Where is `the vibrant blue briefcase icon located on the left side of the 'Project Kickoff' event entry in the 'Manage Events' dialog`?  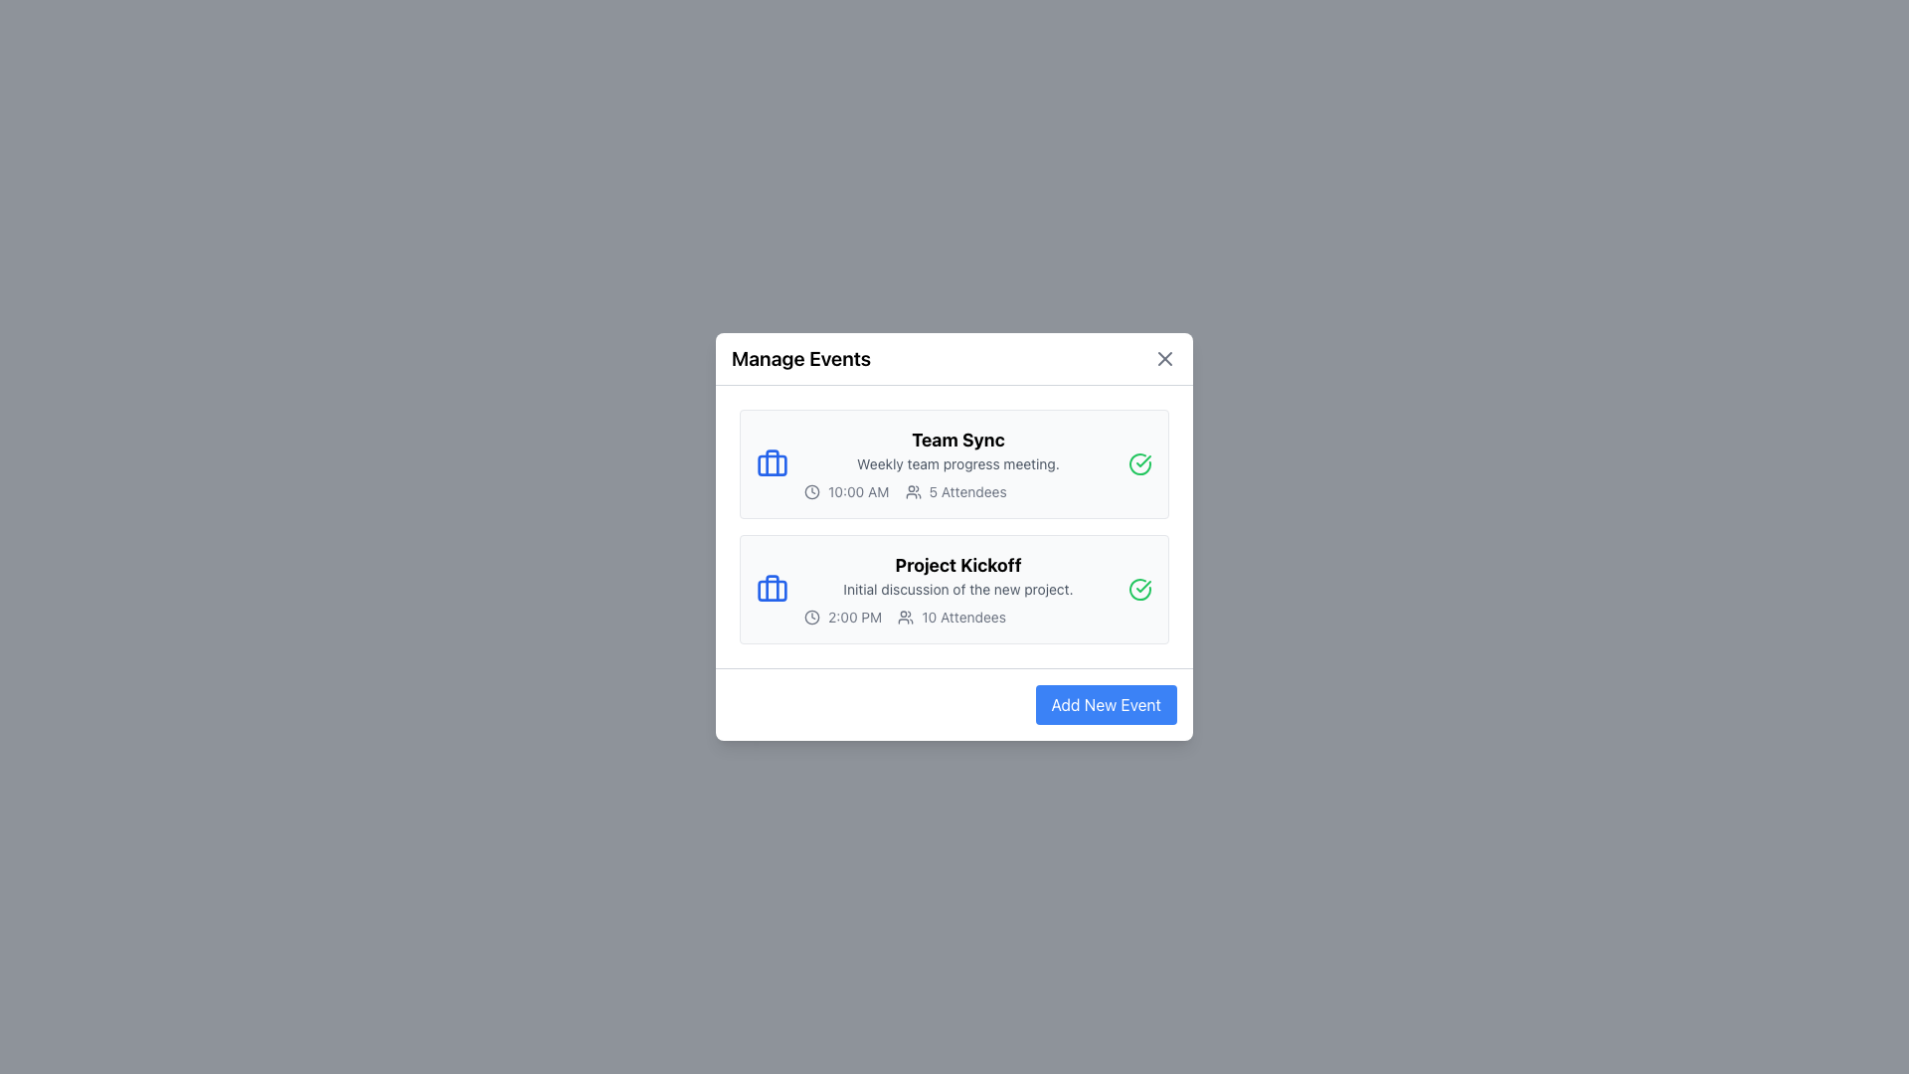 the vibrant blue briefcase icon located on the left side of the 'Project Kickoff' event entry in the 'Manage Events' dialog is located at coordinates (772, 589).